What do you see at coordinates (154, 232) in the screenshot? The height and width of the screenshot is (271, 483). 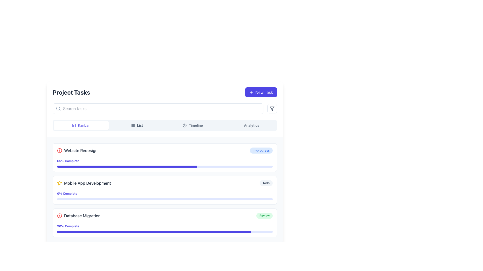 I see `the 90% filled section of the progress bar indicating the completion of the 'Database Migration' task, located at the bottom of the task card` at bounding box center [154, 232].